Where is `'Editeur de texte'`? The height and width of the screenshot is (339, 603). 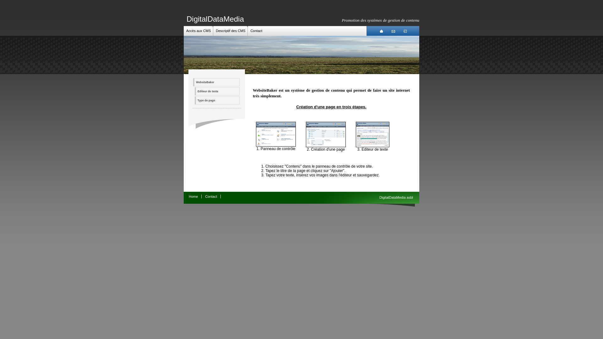
'Editeur de texte' is located at coordinates (372, 146).